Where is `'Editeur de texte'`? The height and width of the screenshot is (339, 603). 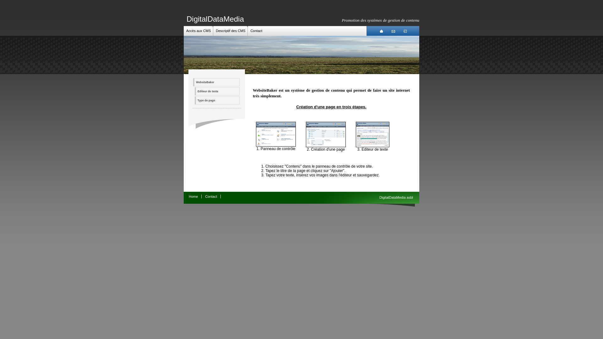
'Editeur de texte' is located at coordinates (372, 146).